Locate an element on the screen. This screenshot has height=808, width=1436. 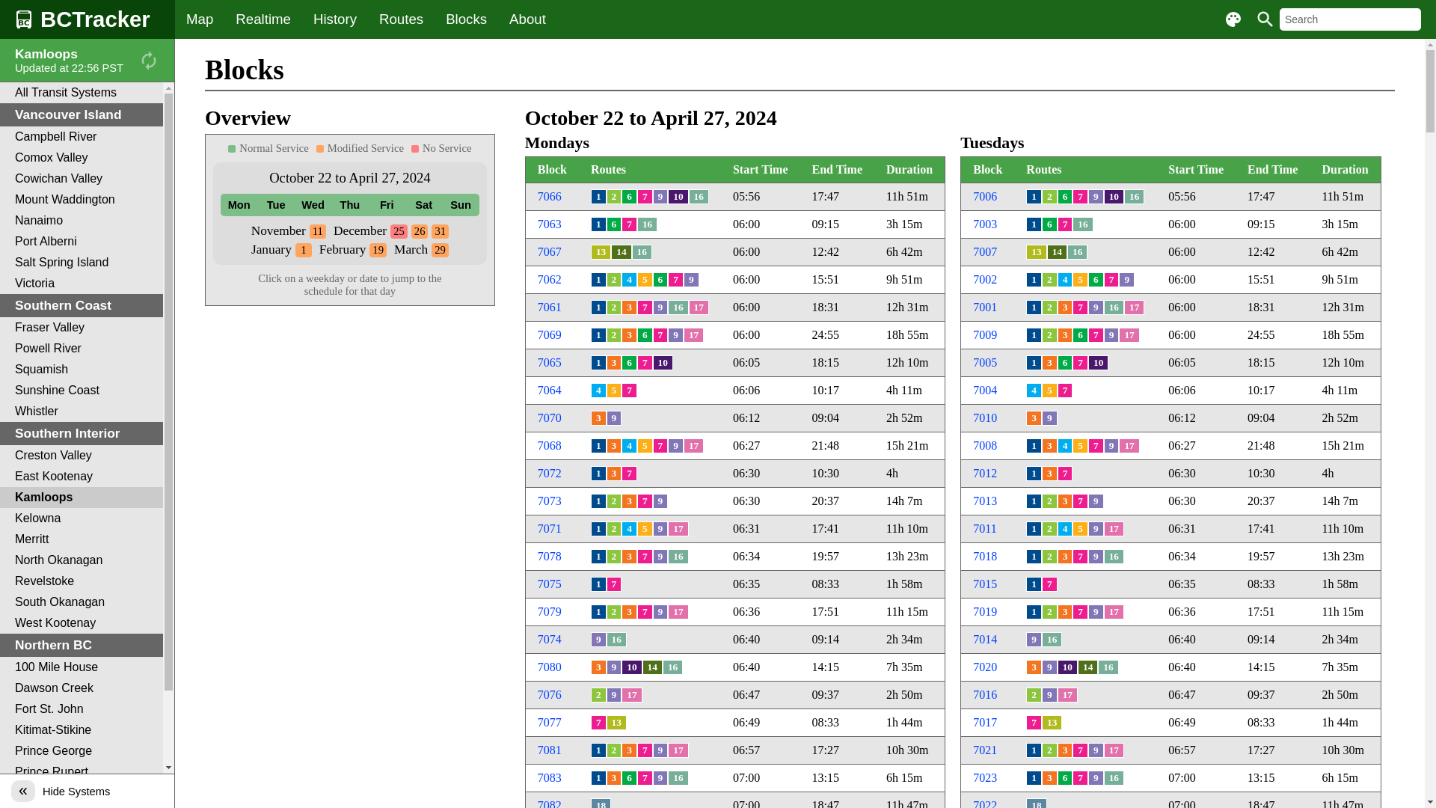
'7' is located at coordinates (1080, 363).